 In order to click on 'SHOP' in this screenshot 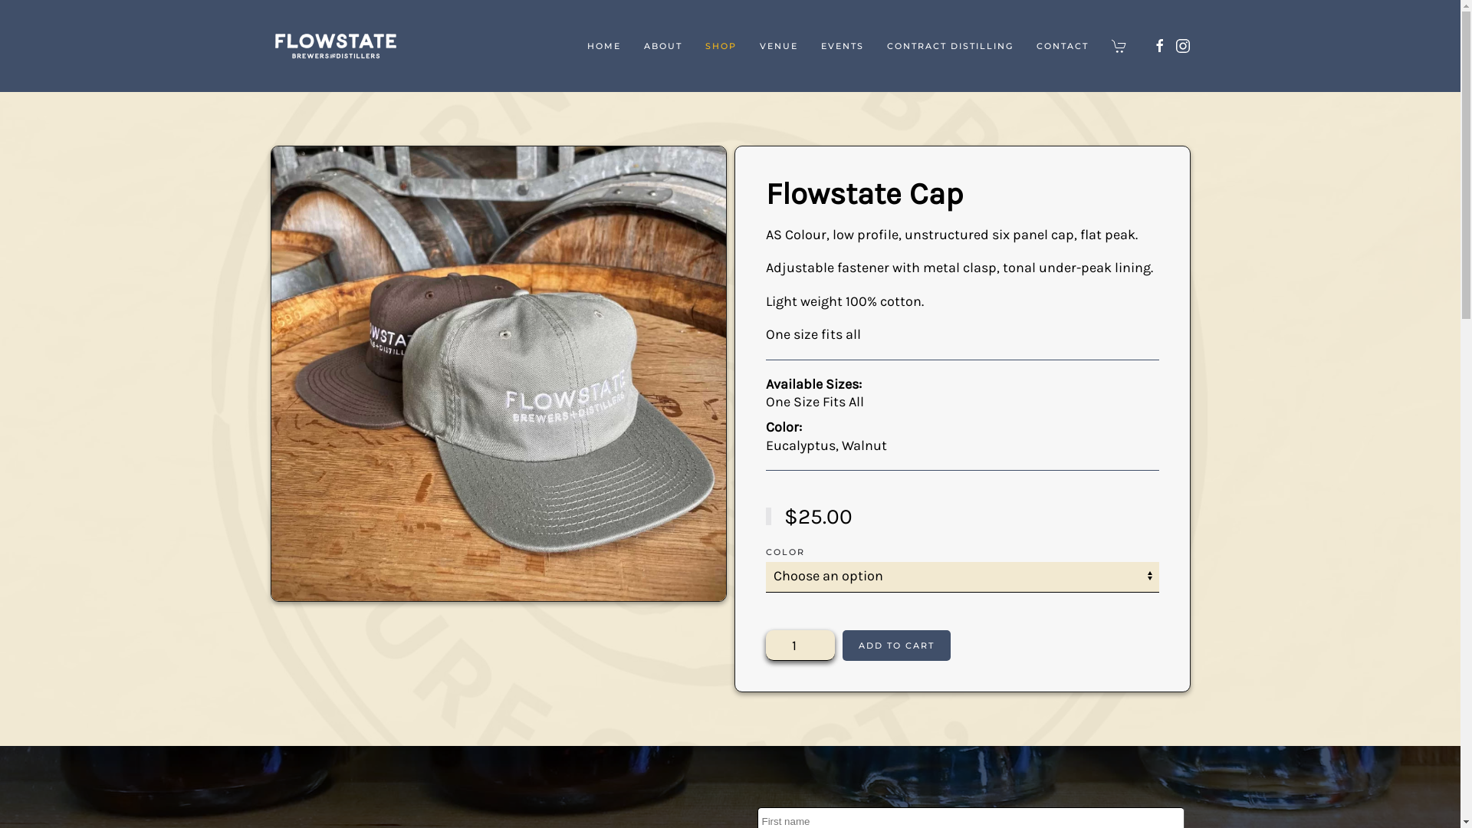, I will do `click(720, 45)`.